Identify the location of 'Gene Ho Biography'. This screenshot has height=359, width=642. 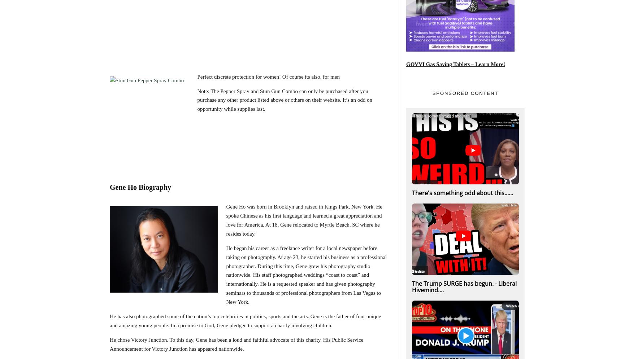
(140, 187).